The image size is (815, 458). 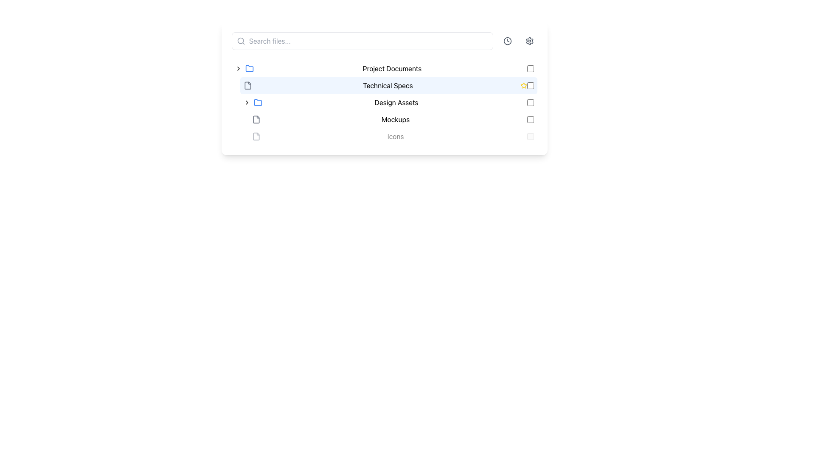 What do you see at coordinates (384, 119) in the screenshot?
I see `the 'Mockups' file or folder listed under the 'Design Assets' section` at bounding box center [384, 119].